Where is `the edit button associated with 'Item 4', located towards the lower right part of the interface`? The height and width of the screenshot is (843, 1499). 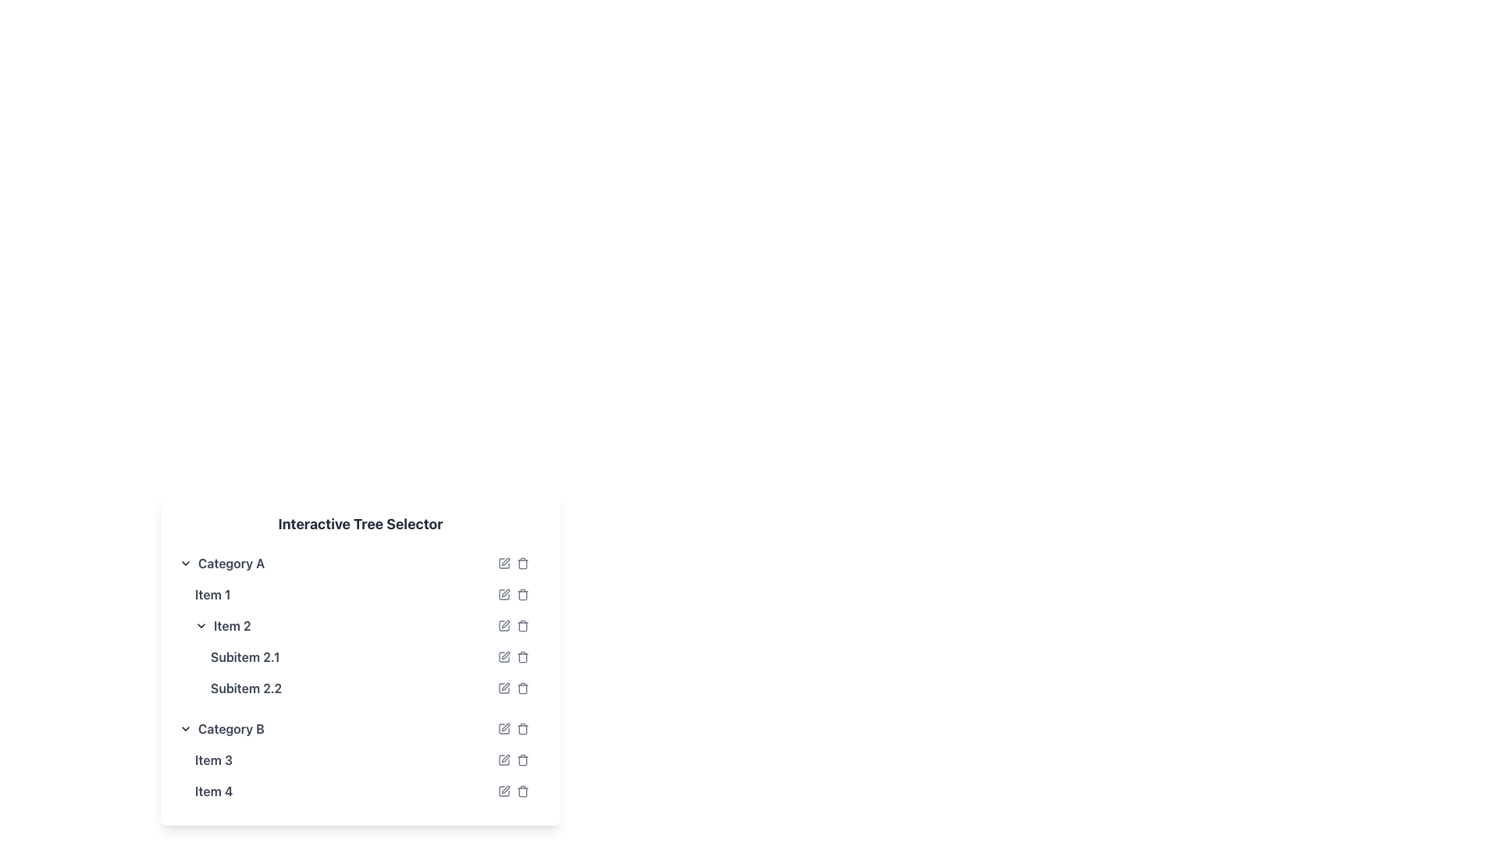
the edit button associated with 'Item 4', located towards the lower right part of the interface is located at coordinates (504, 791).